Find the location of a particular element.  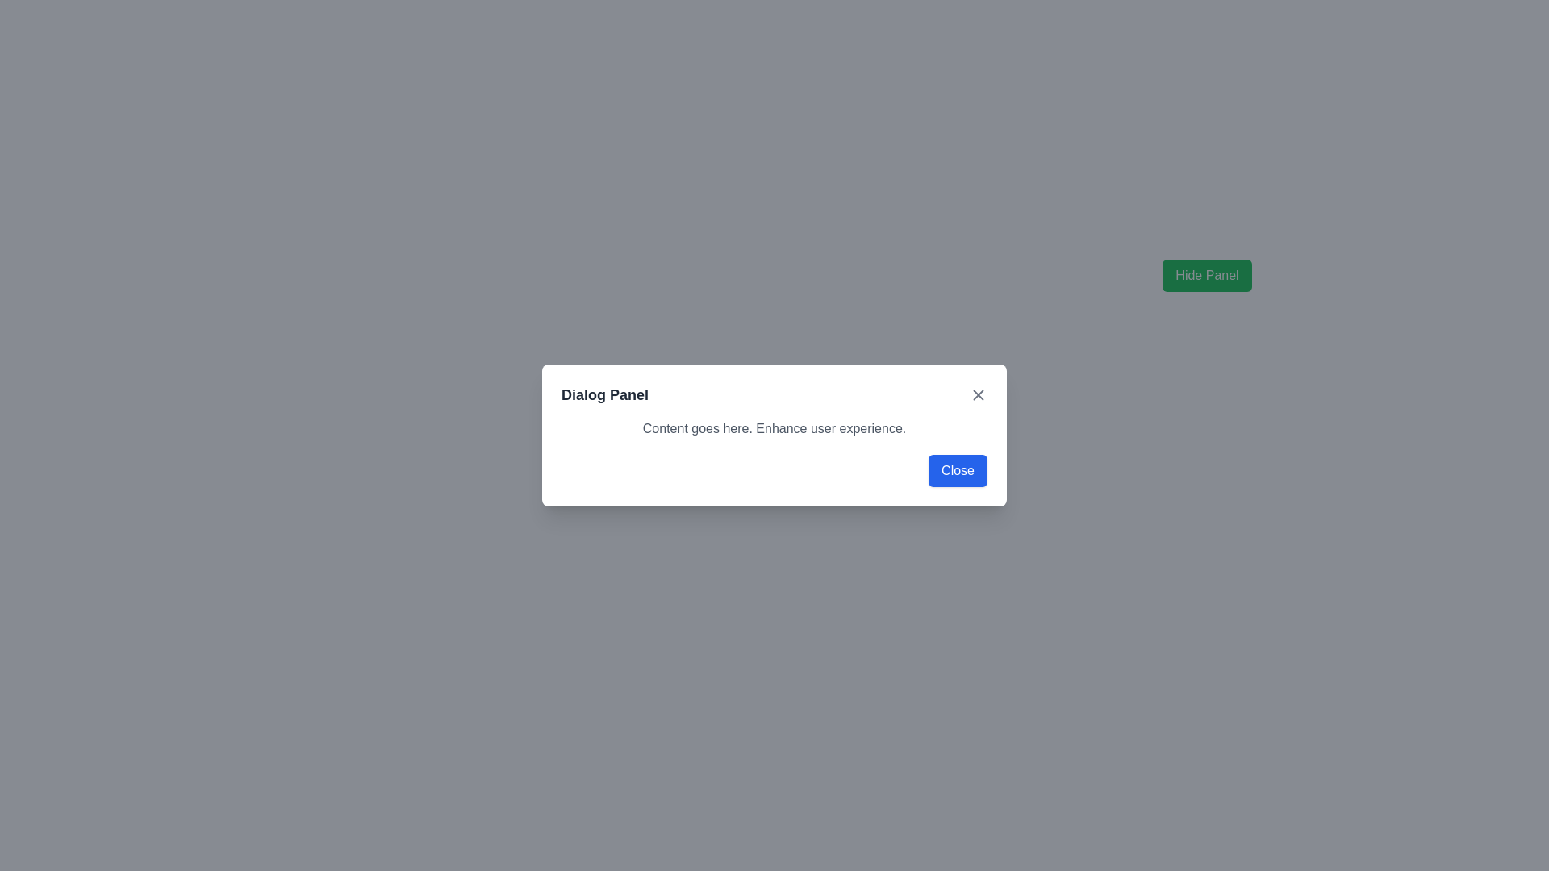

the 'Hide Panel' button with a green background and white text to trigger its hover effects is located at coordinates (1207, 275).